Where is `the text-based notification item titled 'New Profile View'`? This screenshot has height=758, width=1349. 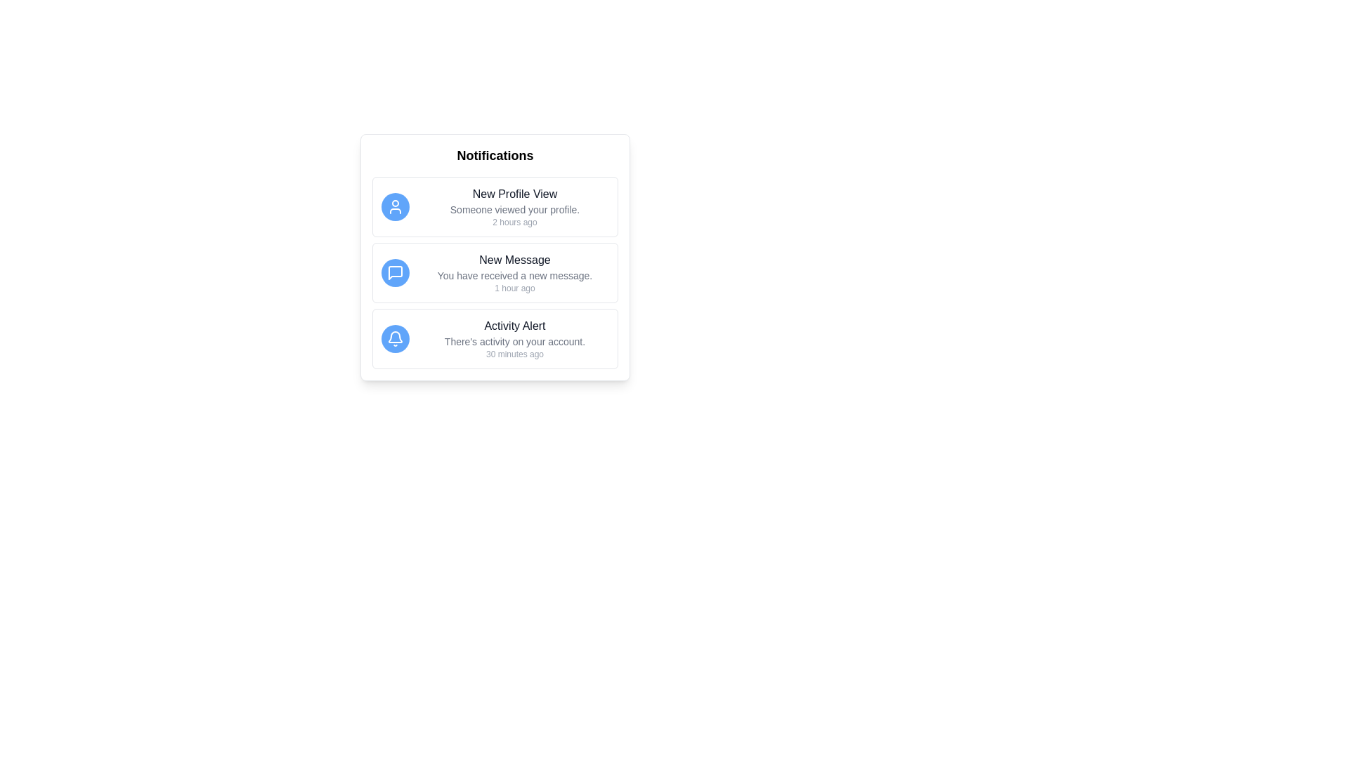
the text-based notification item titled 'New Profile View' is located at coordinates (514, 206).